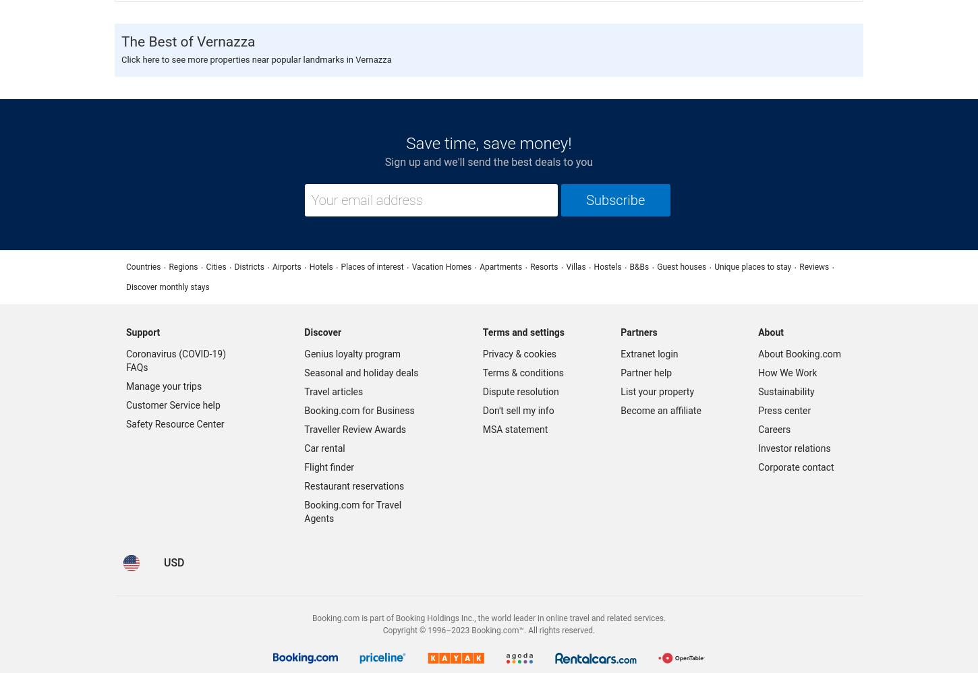 The height and width of the screenshot is (673, 978). I want to click on 'The Best of Vernazza', so click(188, 40).